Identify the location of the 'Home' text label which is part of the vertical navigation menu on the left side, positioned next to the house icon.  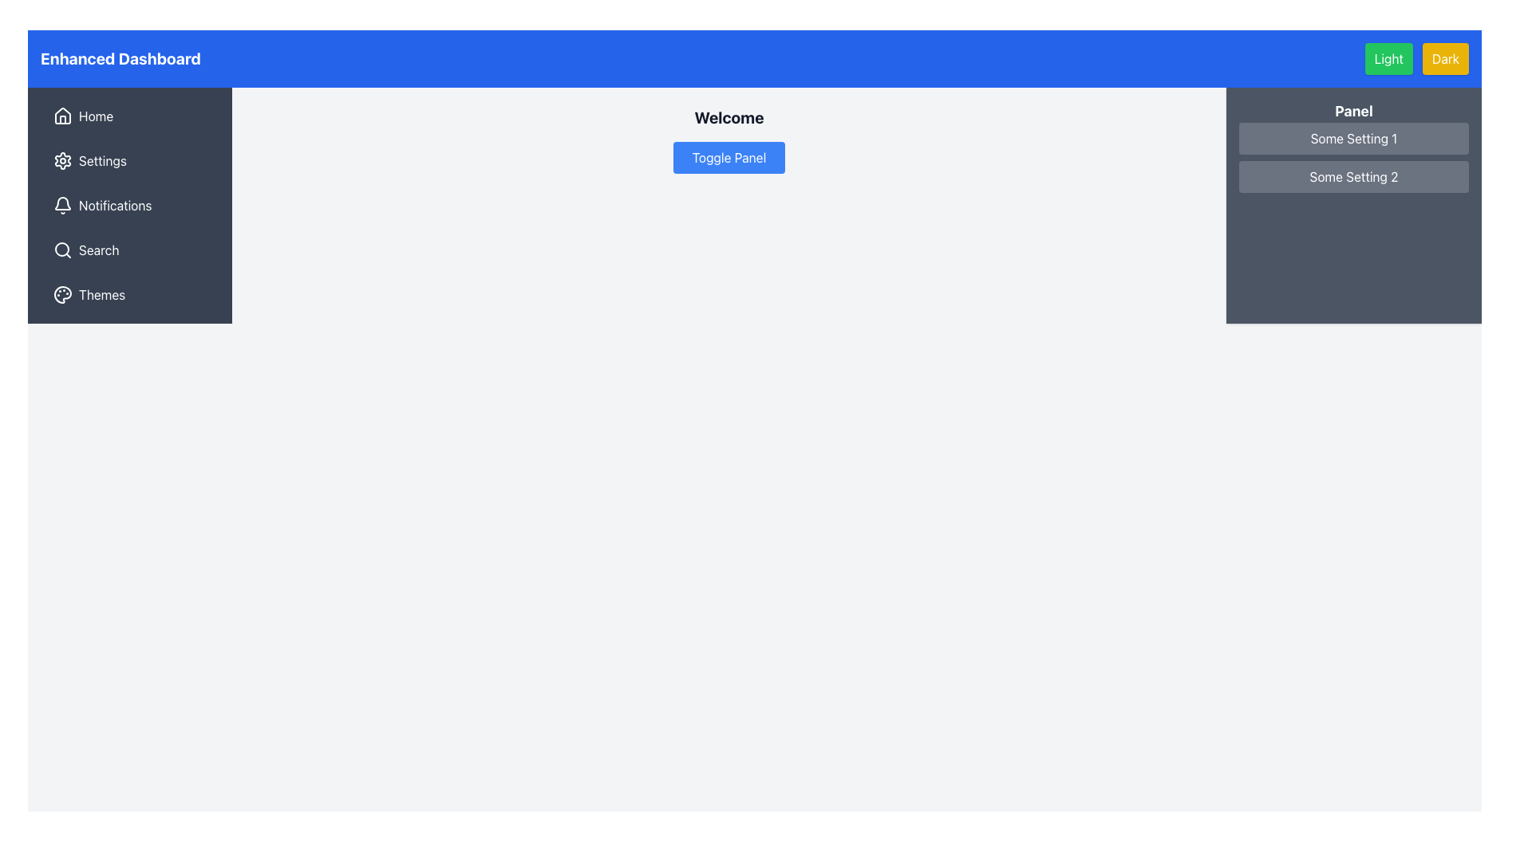
(95, 116).